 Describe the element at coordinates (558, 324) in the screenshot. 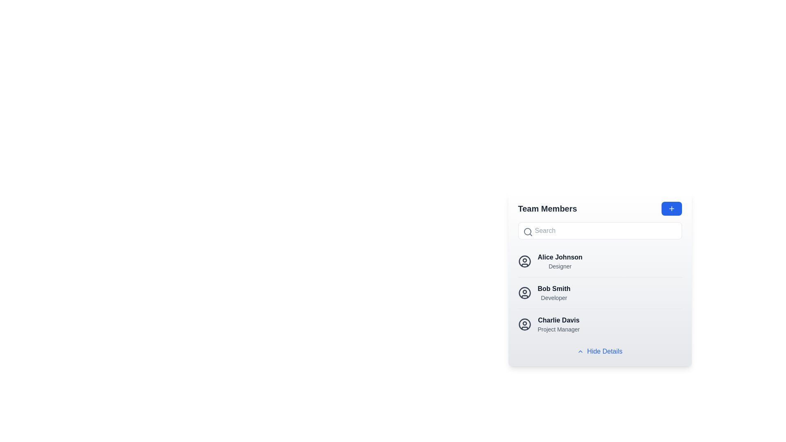

I see `the textual label 'Charlie Davis' which is styled with bold typography and located under the heading 'Team Members', specifically the third entry in the list` at that location.